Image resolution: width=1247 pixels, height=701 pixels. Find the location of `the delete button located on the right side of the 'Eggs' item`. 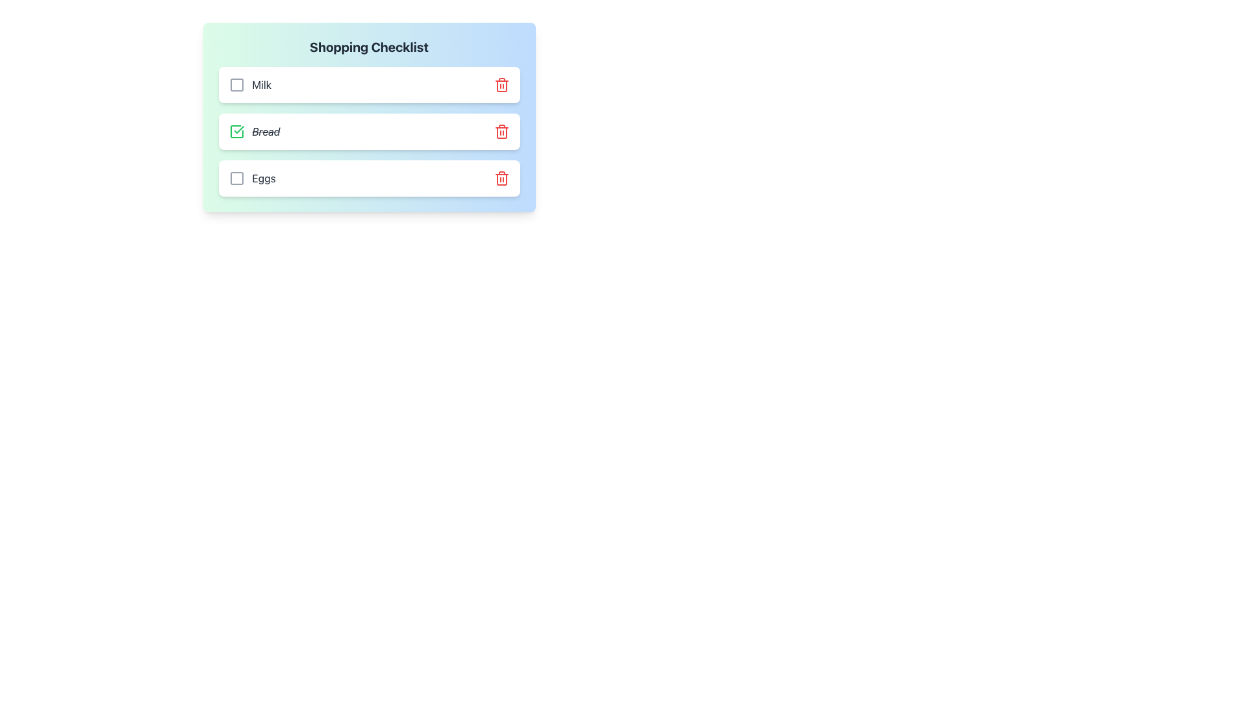

the delete button located on the right side of the 'Eggs' item is located at coordinates (501, 178).